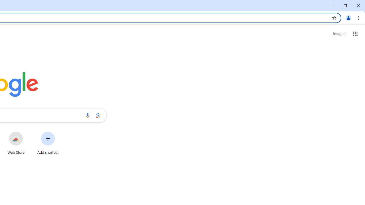  I want to click on 'More actions for Web Store shortcut', so click(27, 132).